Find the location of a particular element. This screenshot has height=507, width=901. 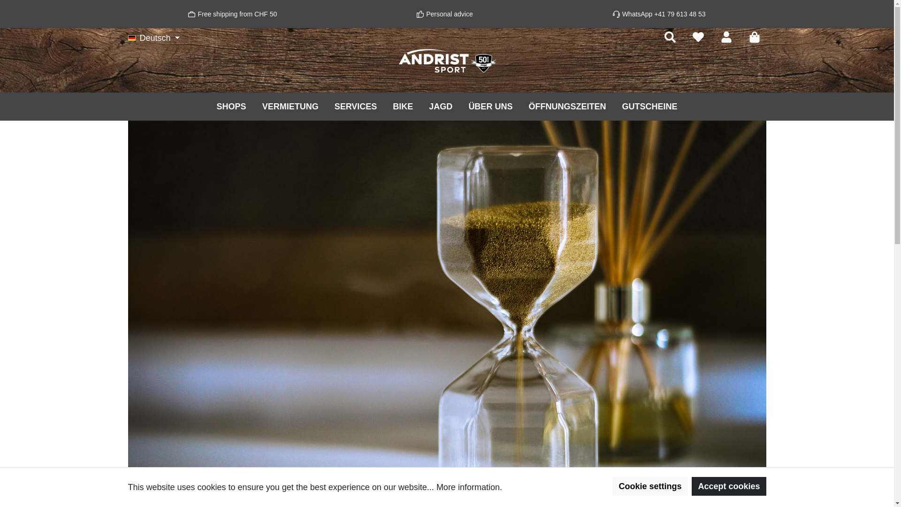

'Accept cookies' is located at coordinates (691, 486).